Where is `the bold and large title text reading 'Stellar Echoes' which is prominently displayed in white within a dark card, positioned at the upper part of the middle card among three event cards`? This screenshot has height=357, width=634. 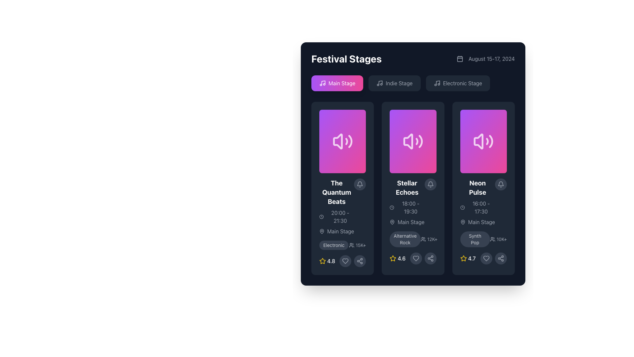 the bold and large title text reading 'Stellar Echoes' which is prominently displayed in white within a dark card, positioned at the upper part of the middle card among three event cards is located at coordinates (407, 187).